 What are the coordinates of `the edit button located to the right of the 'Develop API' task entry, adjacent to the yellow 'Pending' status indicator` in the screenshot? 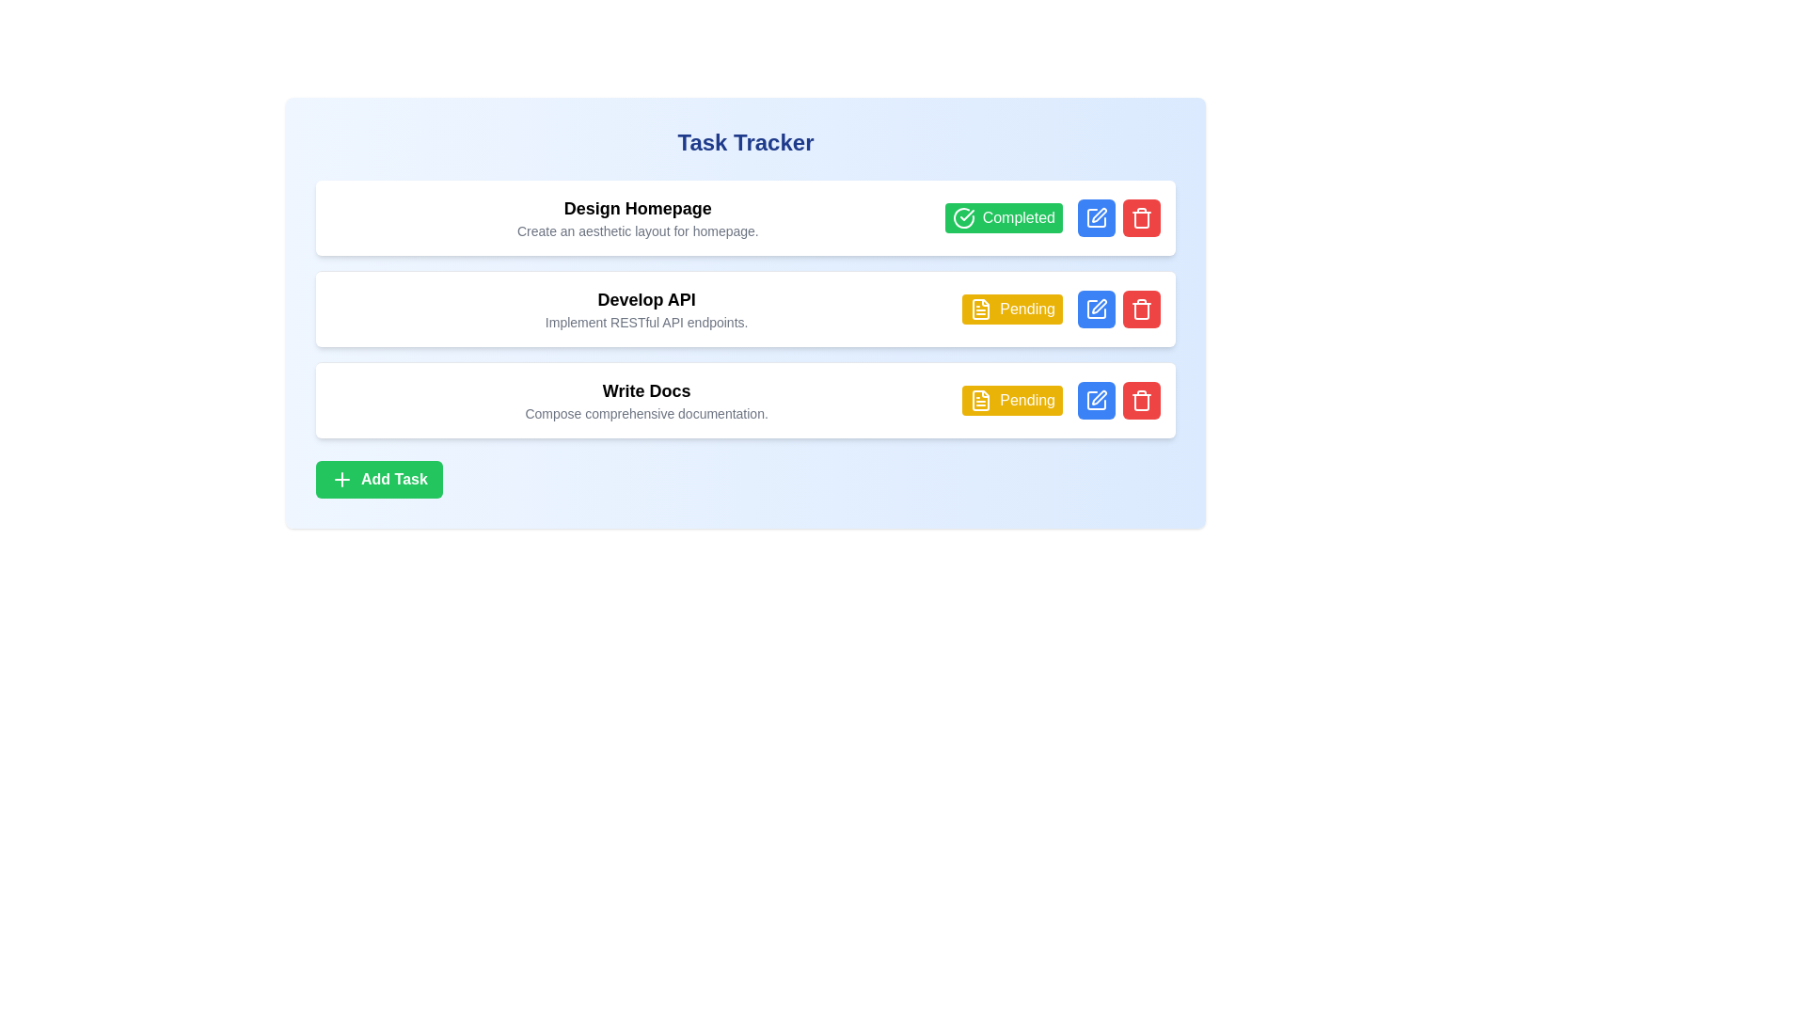 It's located at (1097, 308).